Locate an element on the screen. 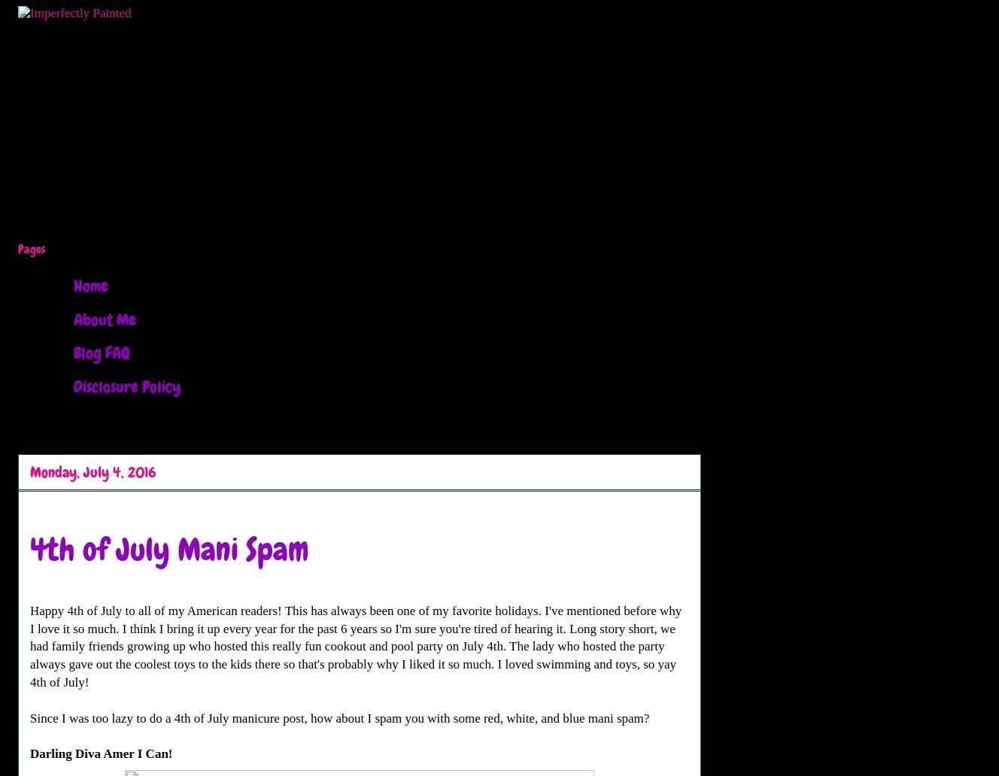 The image size is (999, 776). 'Darling Diva Amer I Can!' is located at coordinates (100, 753).